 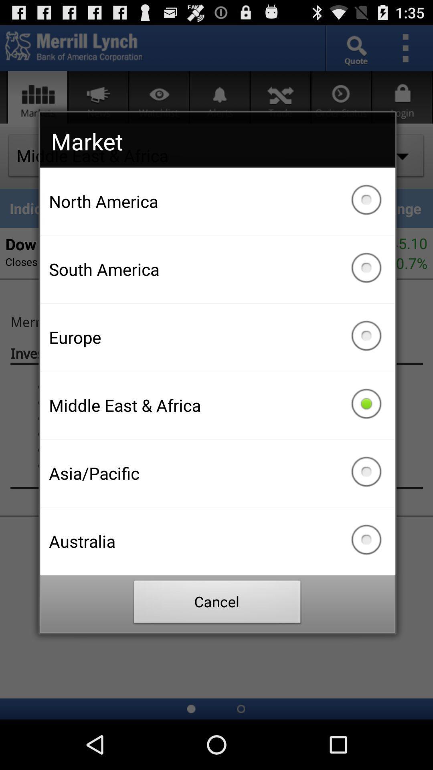 I want to click on cancel, so click(x=217, y=604).